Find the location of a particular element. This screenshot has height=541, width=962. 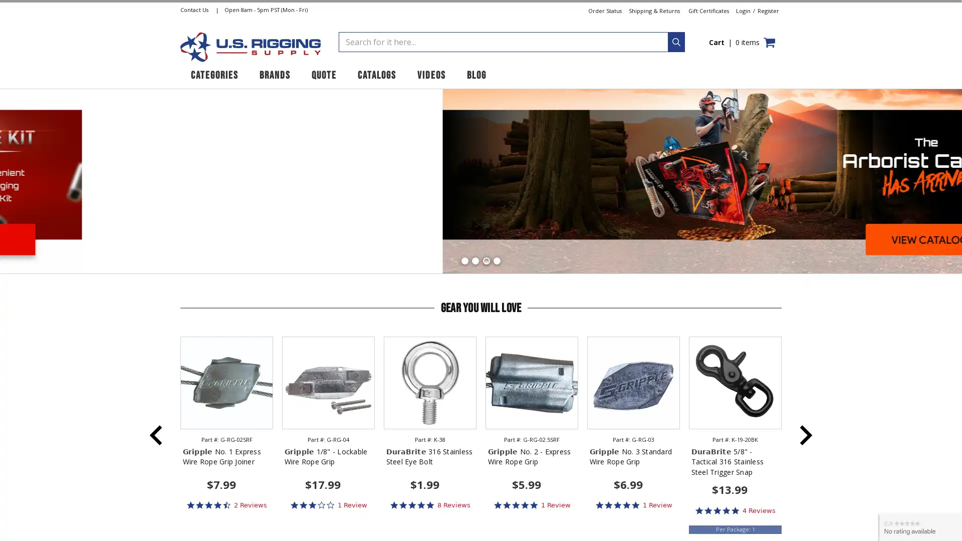

next is located at coordinates (806, 434).